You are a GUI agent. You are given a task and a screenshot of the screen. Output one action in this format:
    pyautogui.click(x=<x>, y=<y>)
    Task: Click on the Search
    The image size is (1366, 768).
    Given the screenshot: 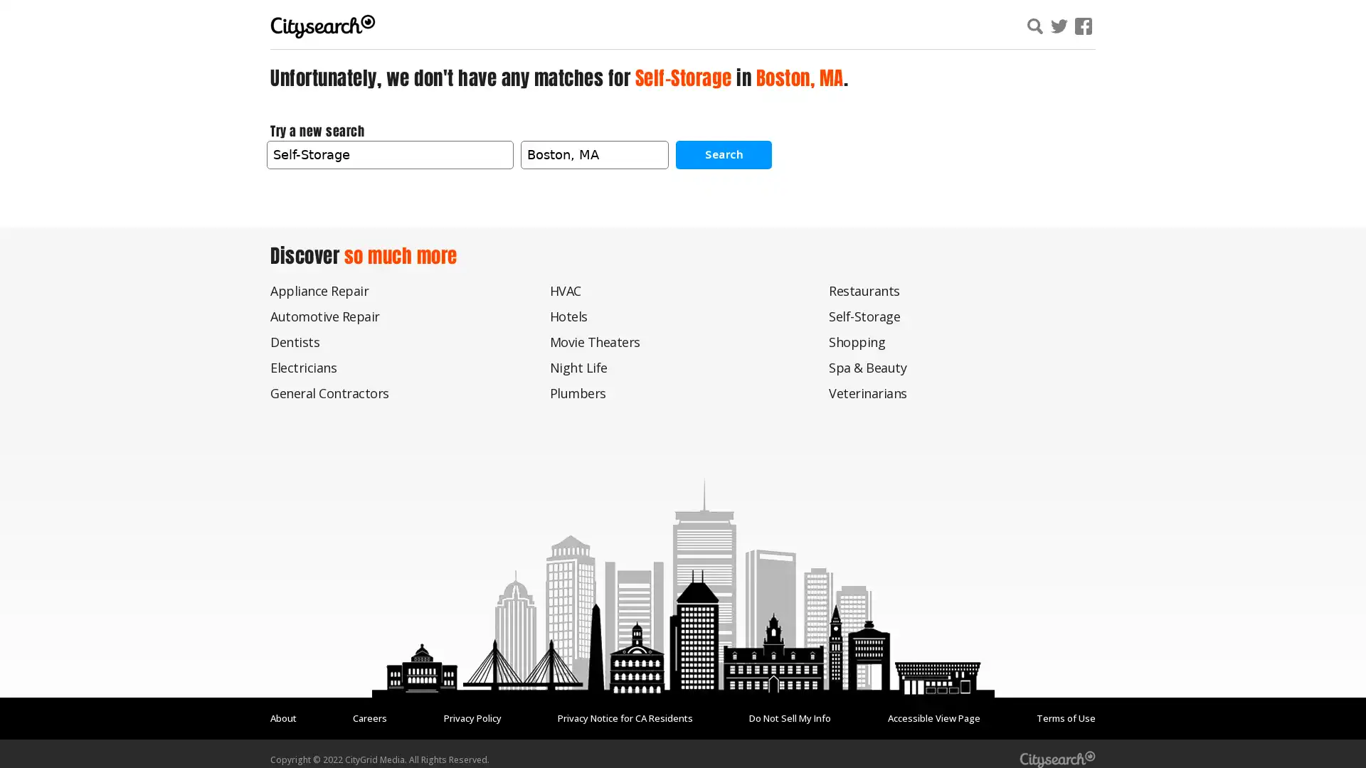 What is the action you would take?
    pyautogui.click(x=1204, y=28)
    